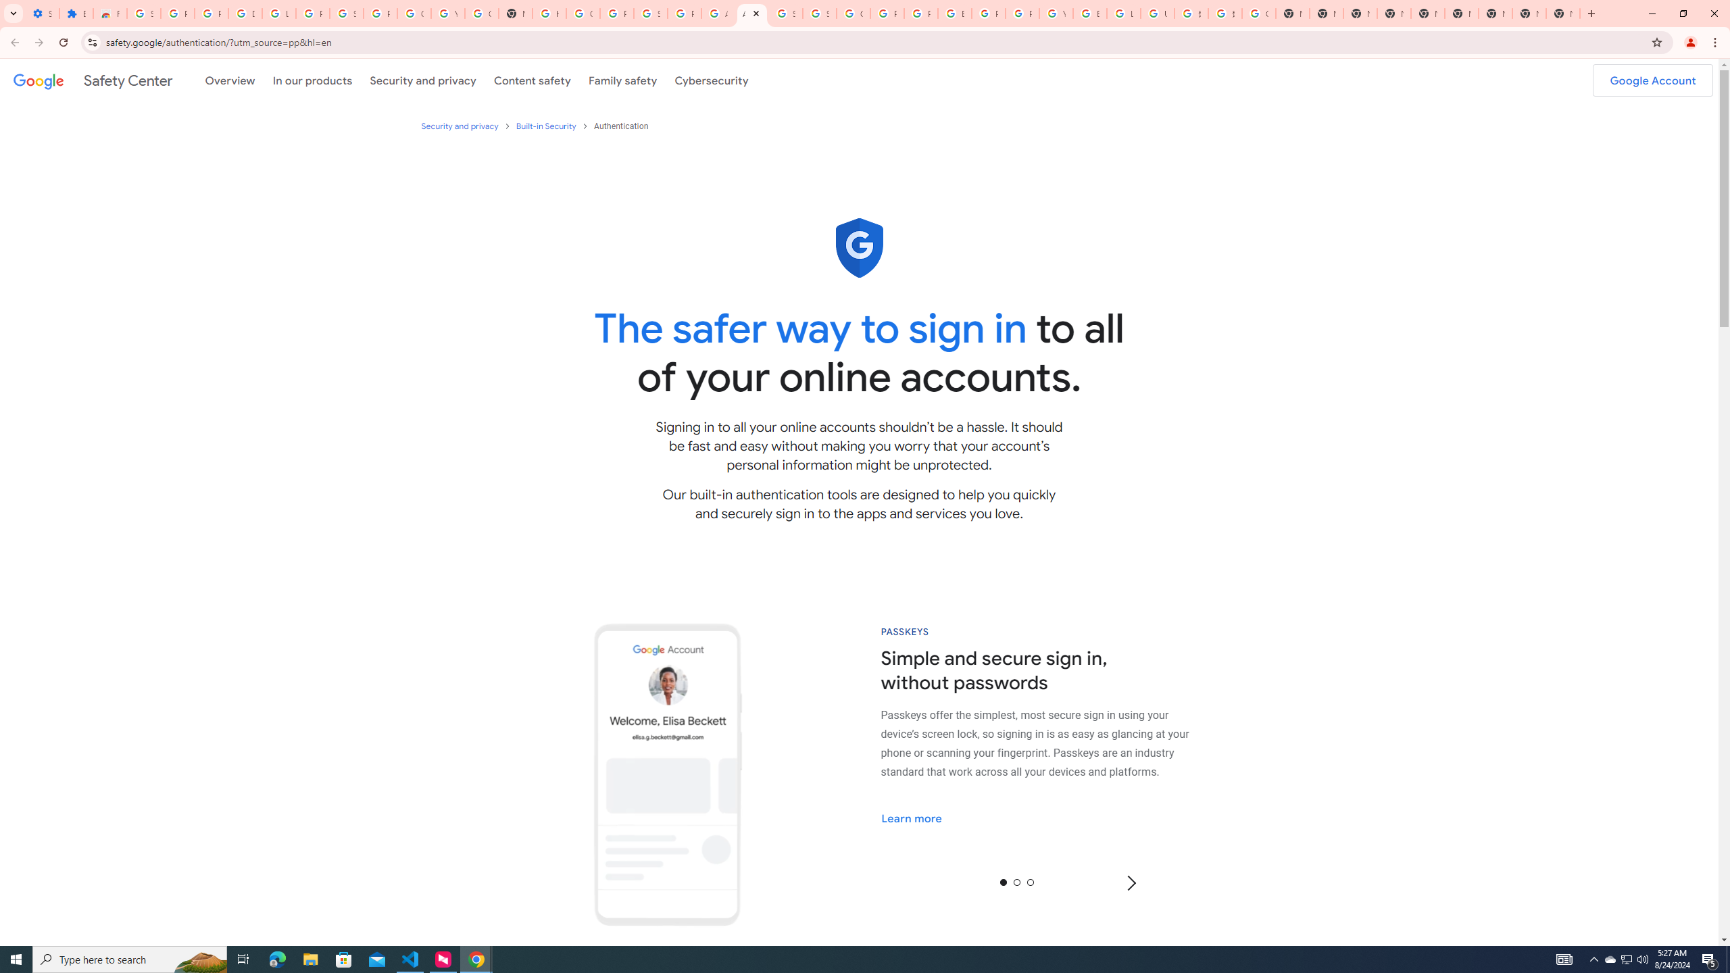 Image resolution: width=1730 pixels, height=973 pixels. What do you see at coordinates (312, 80) in the screenshot?
I see `'In our products'` at bounding box center [312, 80].